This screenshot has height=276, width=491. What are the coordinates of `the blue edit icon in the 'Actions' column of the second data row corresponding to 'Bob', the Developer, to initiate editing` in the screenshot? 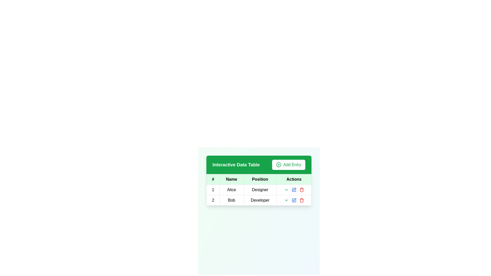 It's located at (294, 200).